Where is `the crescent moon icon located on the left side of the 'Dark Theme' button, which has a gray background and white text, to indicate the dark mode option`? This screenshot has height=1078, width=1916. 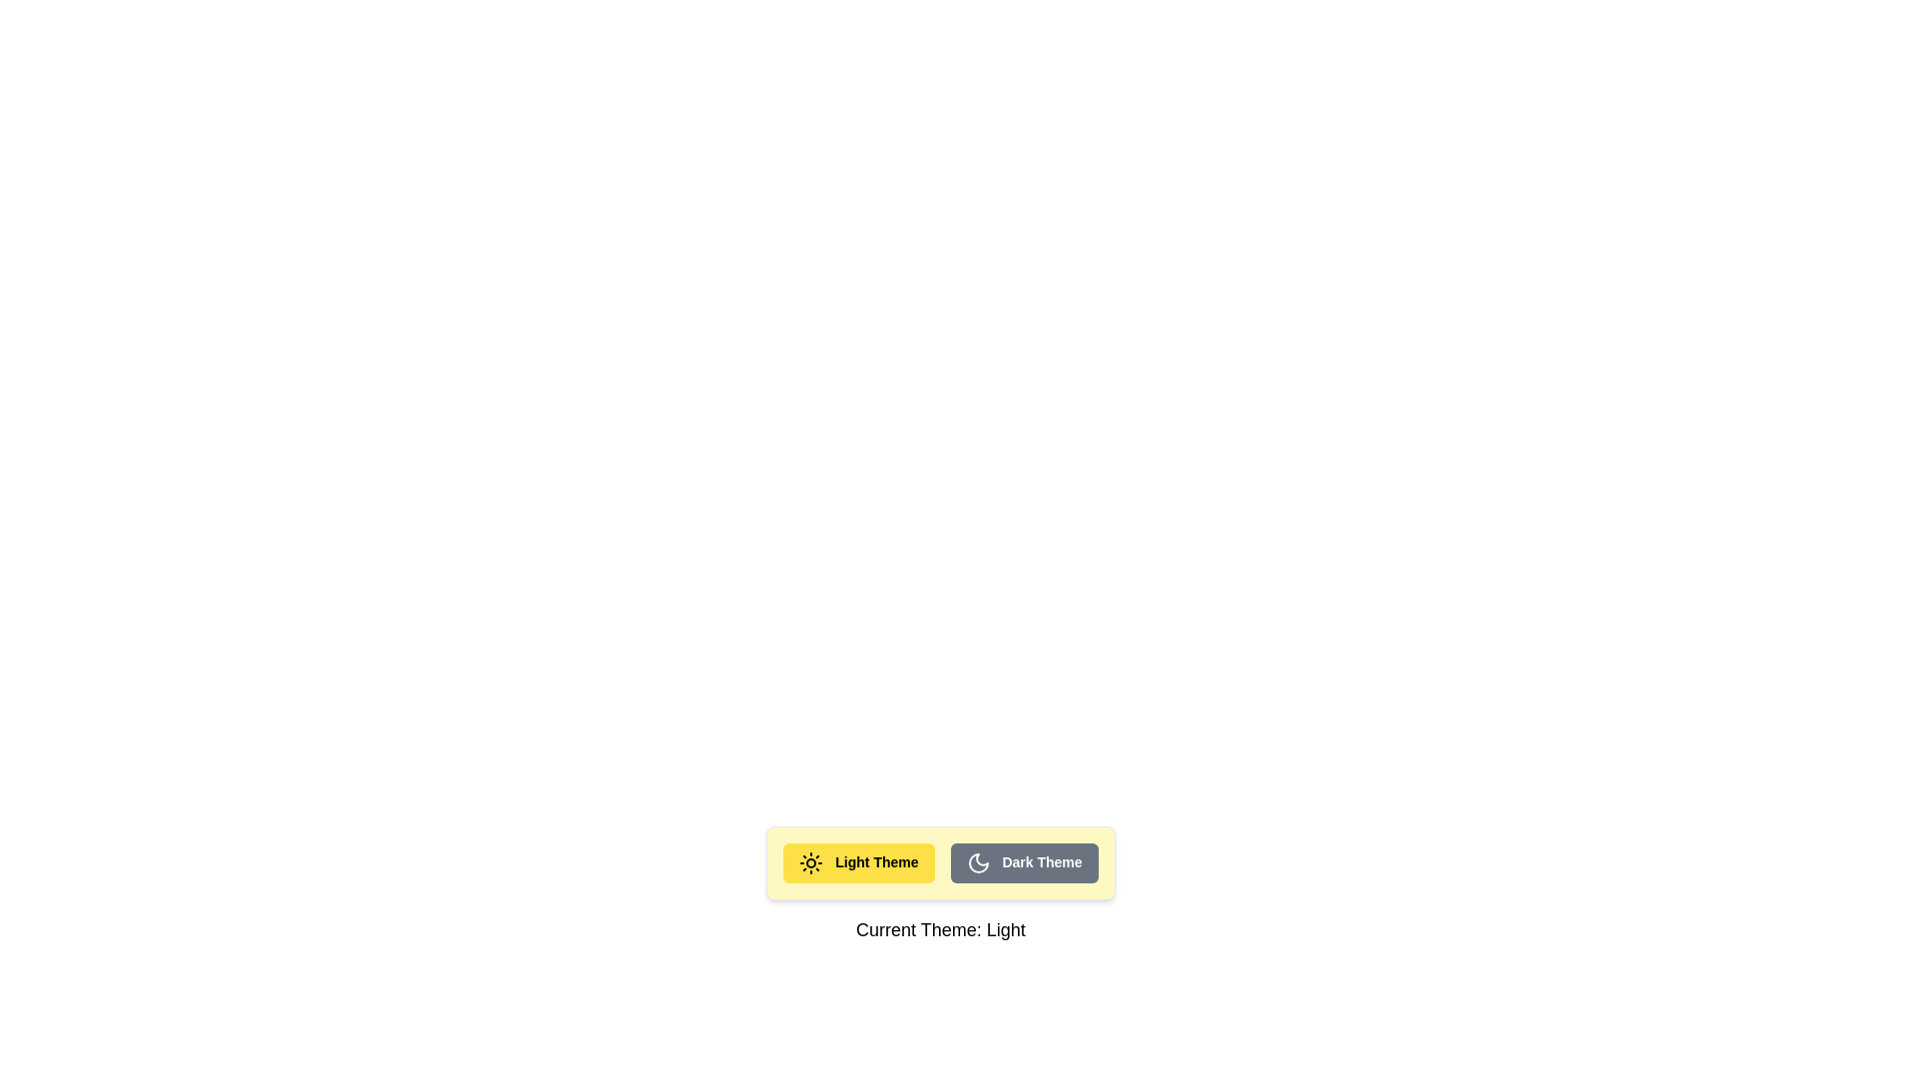 the crescent moon icon located on the left side of the 'Dark Theme' button, which has a gray background and white text, to indicate the dark mode option is located at coordinates (978, 861).